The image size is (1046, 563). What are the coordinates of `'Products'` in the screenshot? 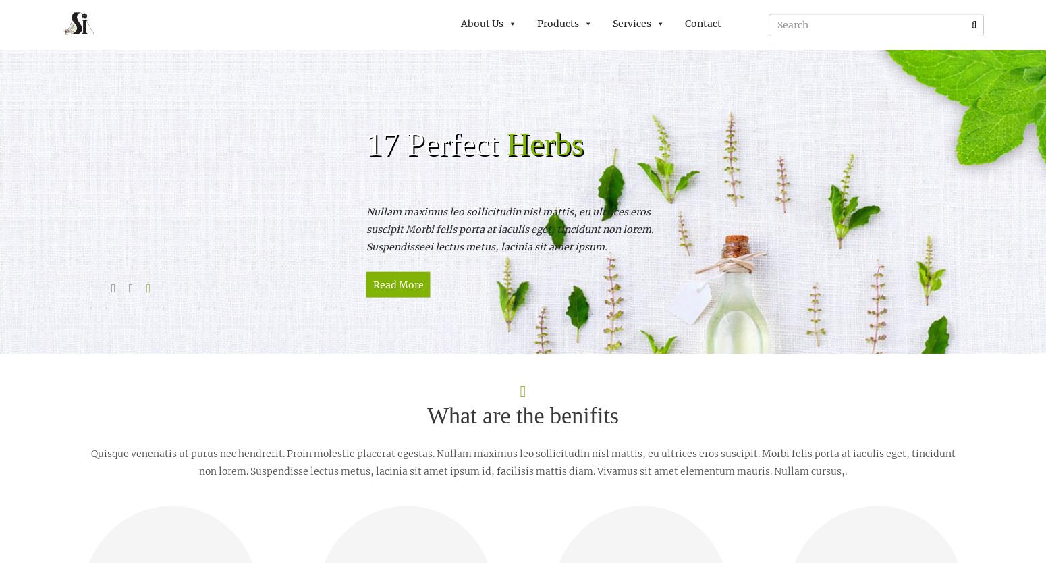 It's located at (556, 24).